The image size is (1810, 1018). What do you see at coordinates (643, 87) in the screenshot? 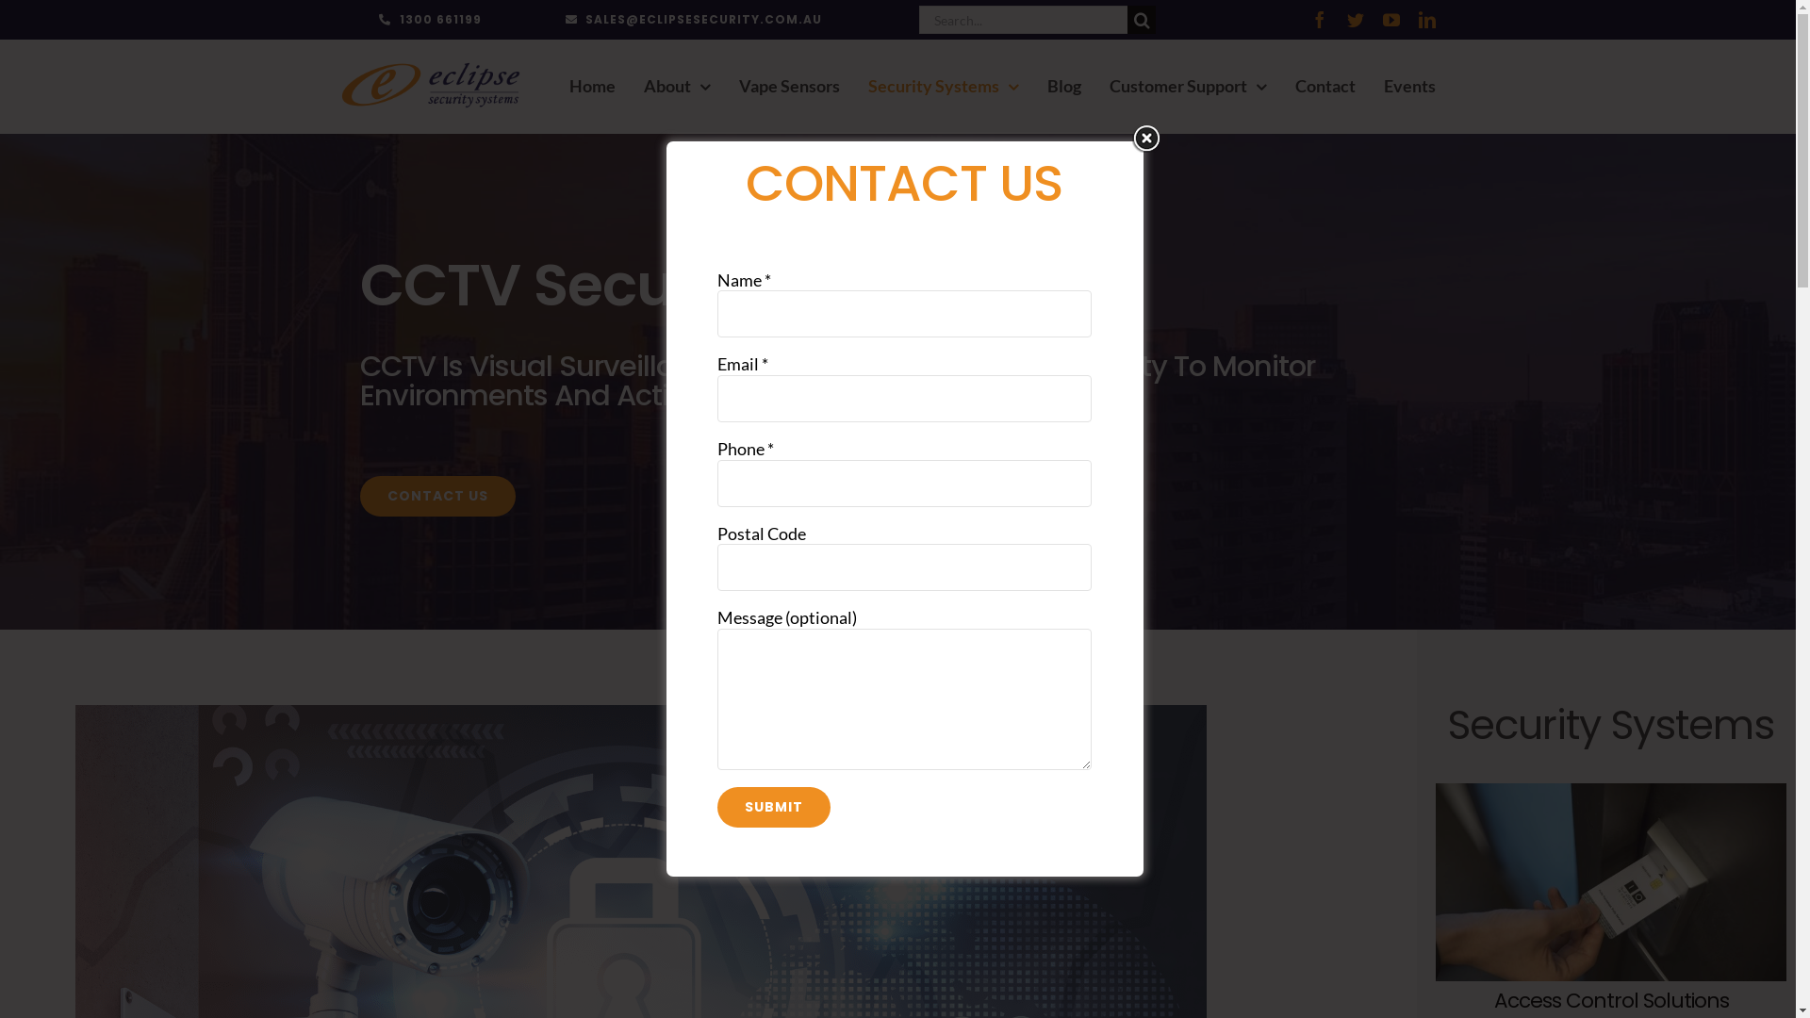
I see `'About'` at bounding box center [643, 87].